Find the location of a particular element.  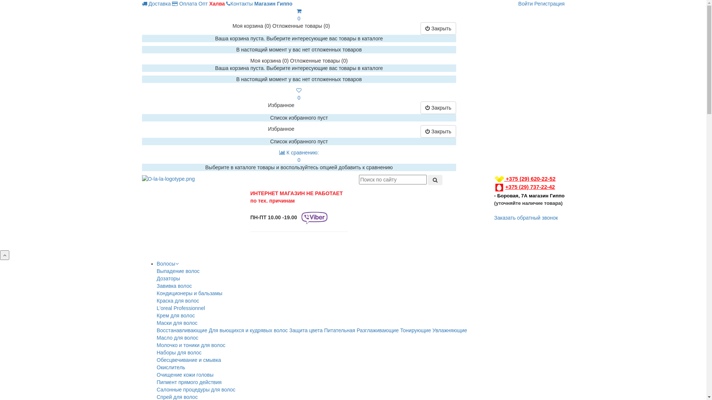

'L'oreal Professionnel' is located at coordinates (180, 308).